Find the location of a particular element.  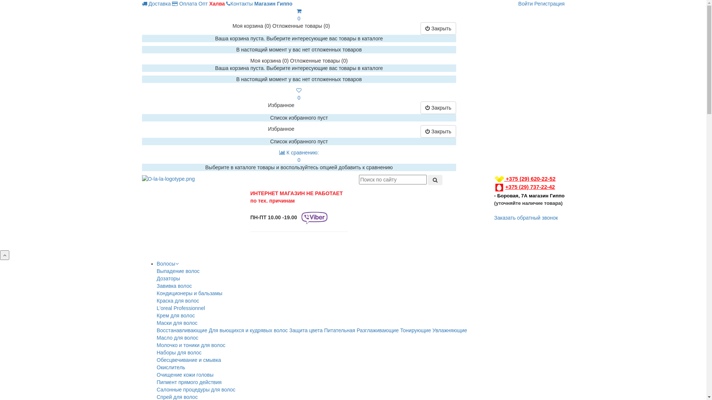

'L'oreal Professionnel' is located at coordinates (180, 308).